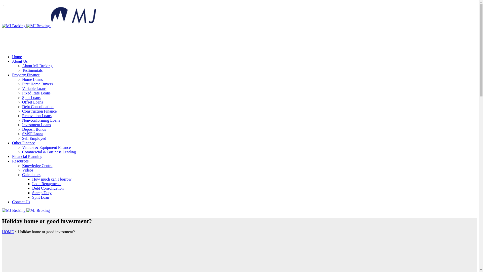  What do you see at coordinates (37, 165) in the screenshot?
I see `'Knowledge Centre'` at bounding box center [37, 165].